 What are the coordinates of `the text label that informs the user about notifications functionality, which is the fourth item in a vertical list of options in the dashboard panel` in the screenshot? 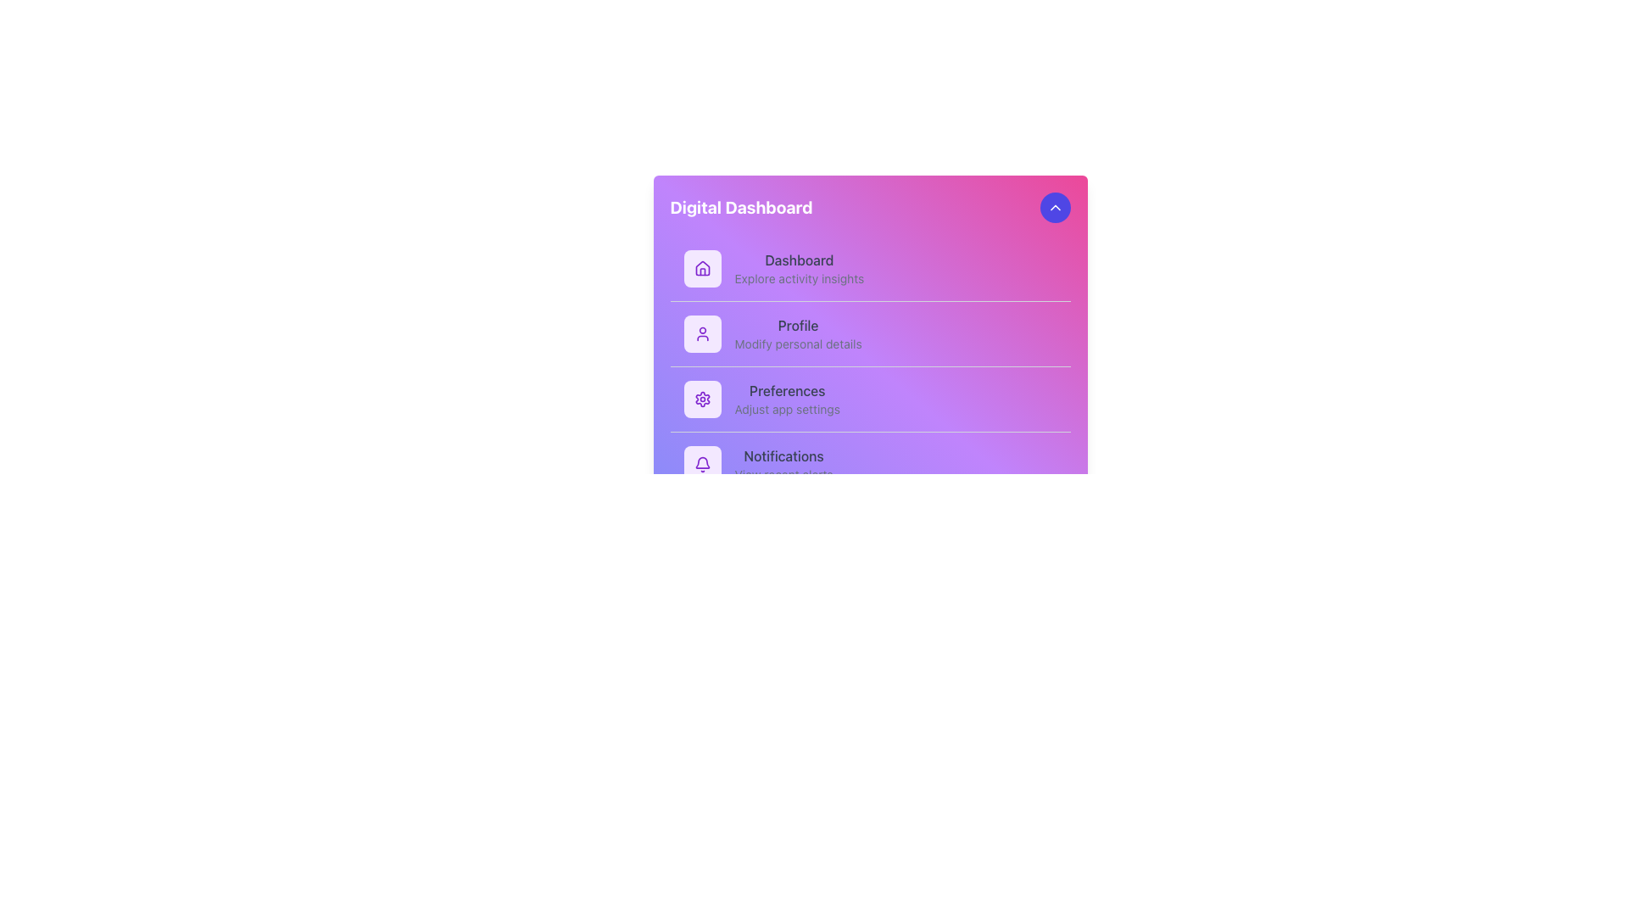 It's located at (783, 464).